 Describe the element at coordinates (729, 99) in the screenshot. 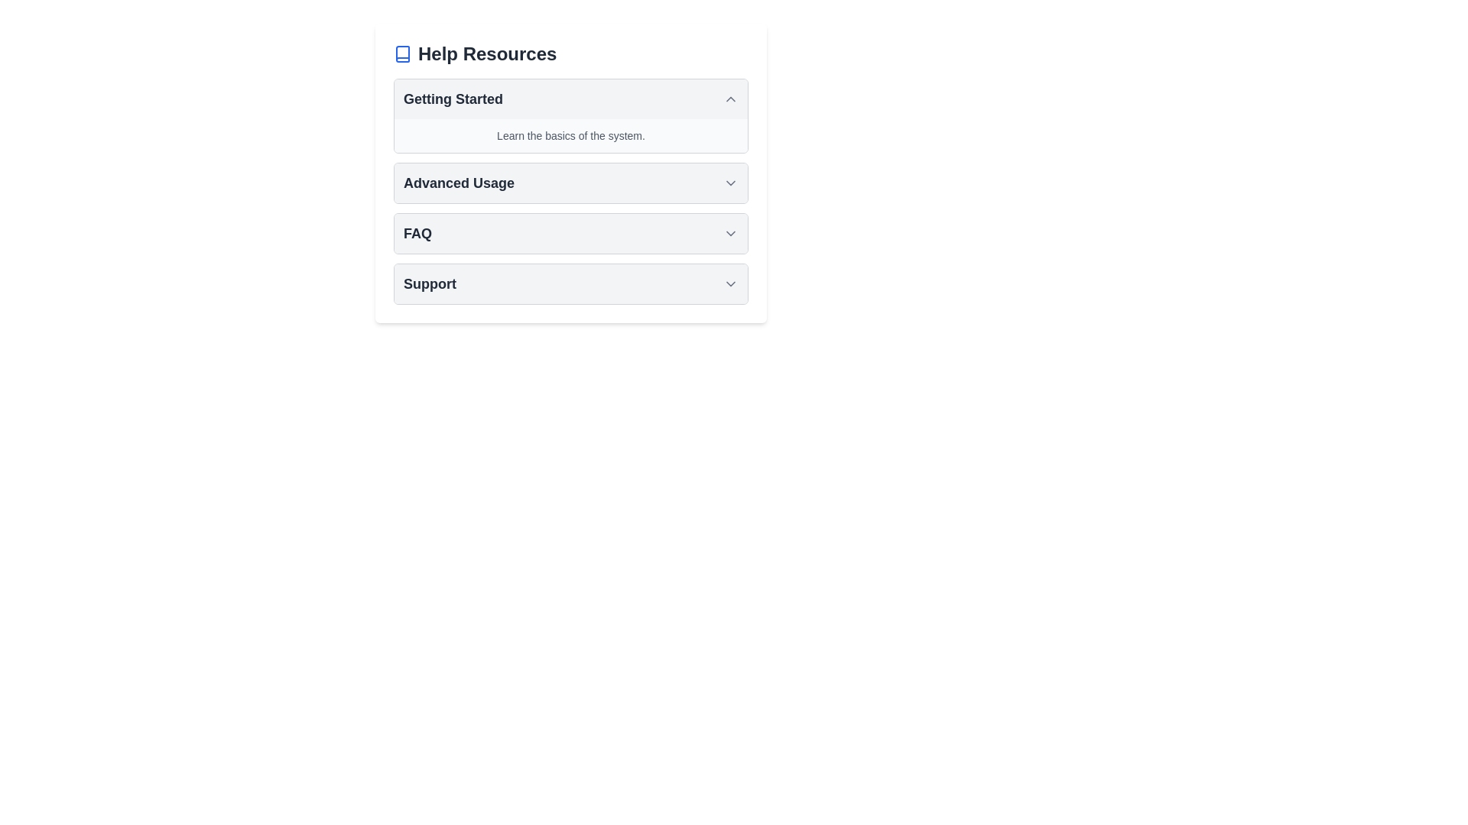

I see `the small, gray, upward-pointing chevron icon located to the far right of the 'Getting Started' row` at that location.